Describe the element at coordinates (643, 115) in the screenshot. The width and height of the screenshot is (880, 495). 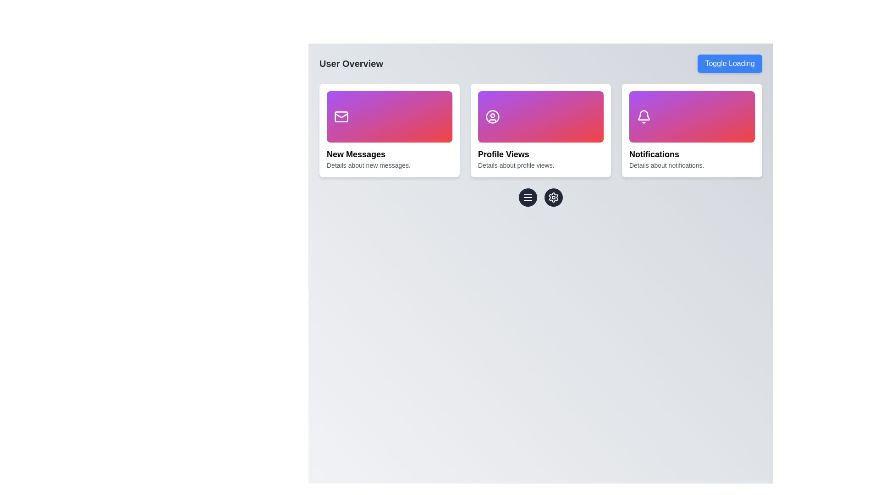
I see `the notifications icon located in the upper section of the 'Notifications' card on the right side of the interface` at that location.